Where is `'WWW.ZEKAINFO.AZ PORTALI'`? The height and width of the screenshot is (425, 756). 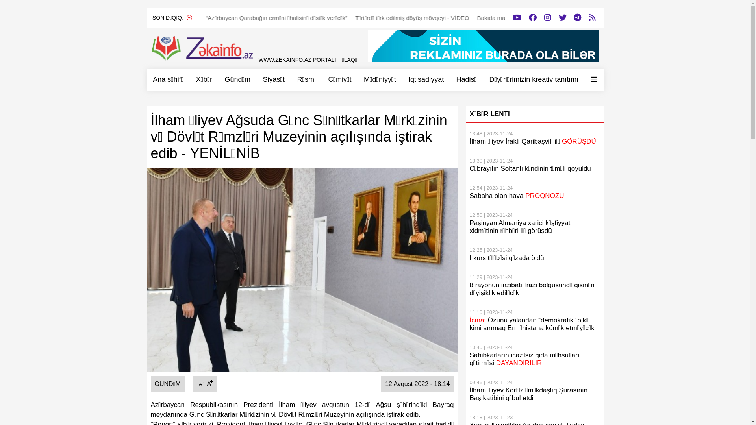 'WWW.ZEKAINFO.AZ PORTALI' is located at coordinates (296, 59).